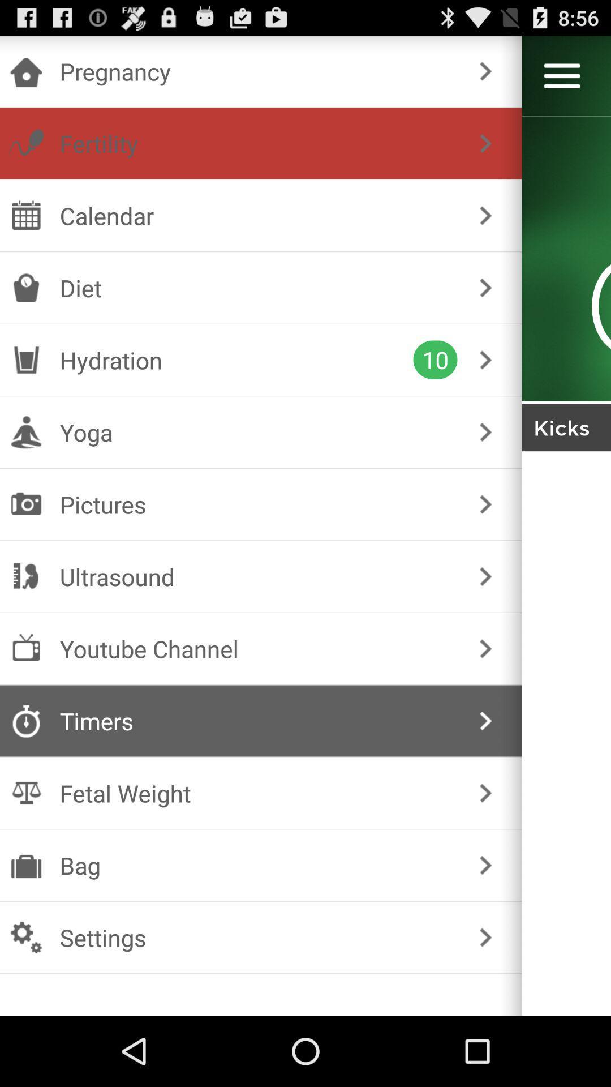  What do you see at coordinates (259, 576) in the screenshot?
I see `icon above youtube channel` at bounding box center [259, 576].